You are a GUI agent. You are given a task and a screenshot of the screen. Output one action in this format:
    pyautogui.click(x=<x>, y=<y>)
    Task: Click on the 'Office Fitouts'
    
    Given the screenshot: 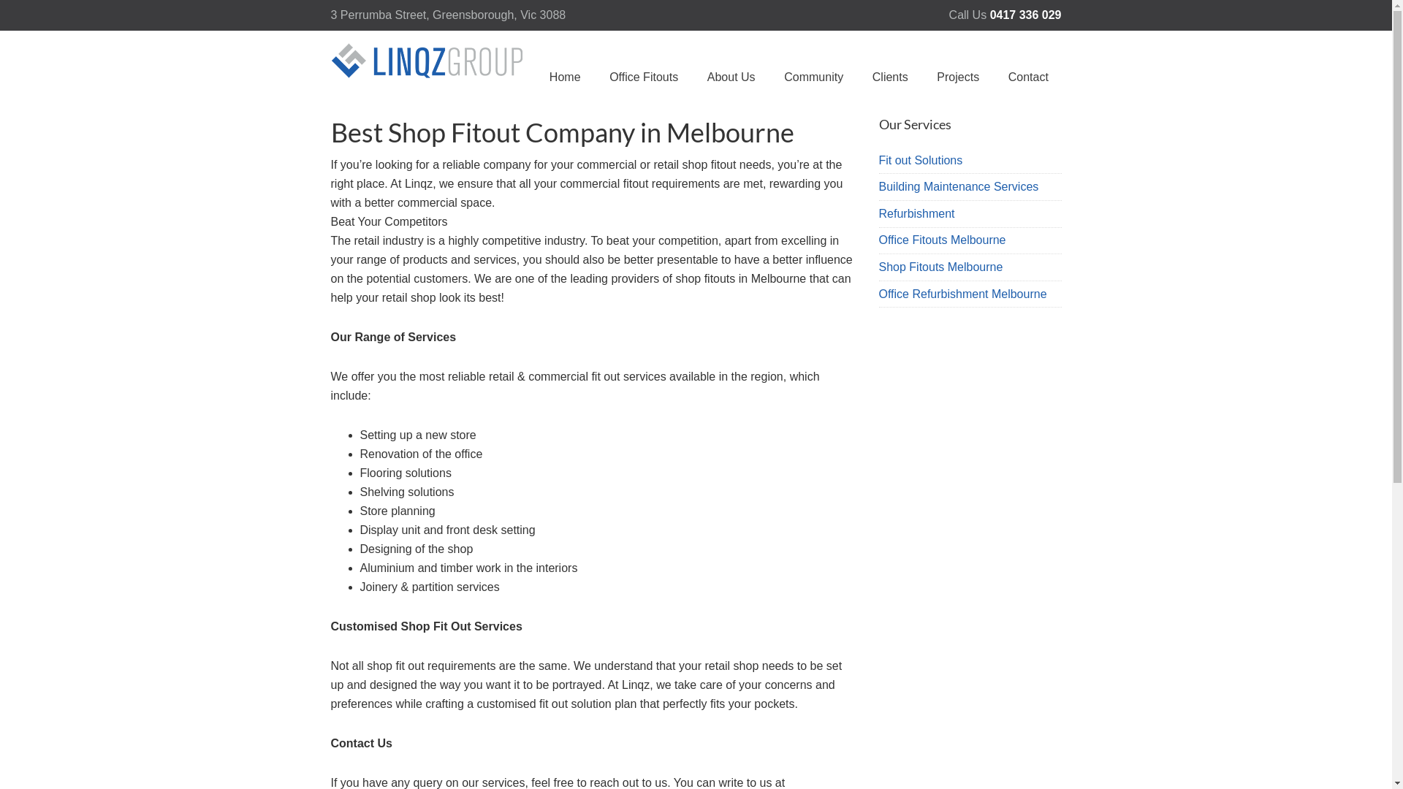 What is the action you would take?
    pyautogui.click(x=596, y=77)
    